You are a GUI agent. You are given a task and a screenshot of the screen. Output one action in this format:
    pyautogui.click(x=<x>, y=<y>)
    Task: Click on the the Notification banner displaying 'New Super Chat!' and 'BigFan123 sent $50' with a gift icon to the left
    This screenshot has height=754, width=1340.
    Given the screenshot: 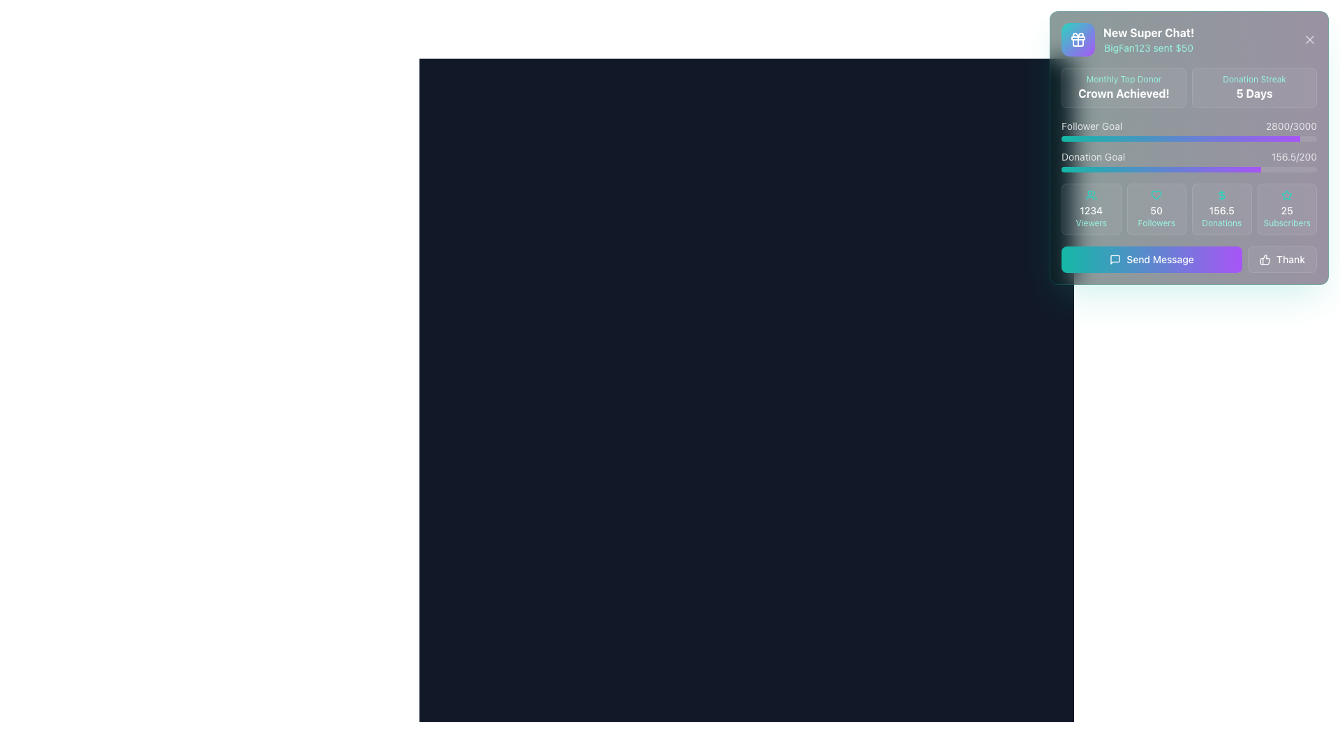 What is the action you would take?
    pyautogui.click(x=1128, y=39)
    